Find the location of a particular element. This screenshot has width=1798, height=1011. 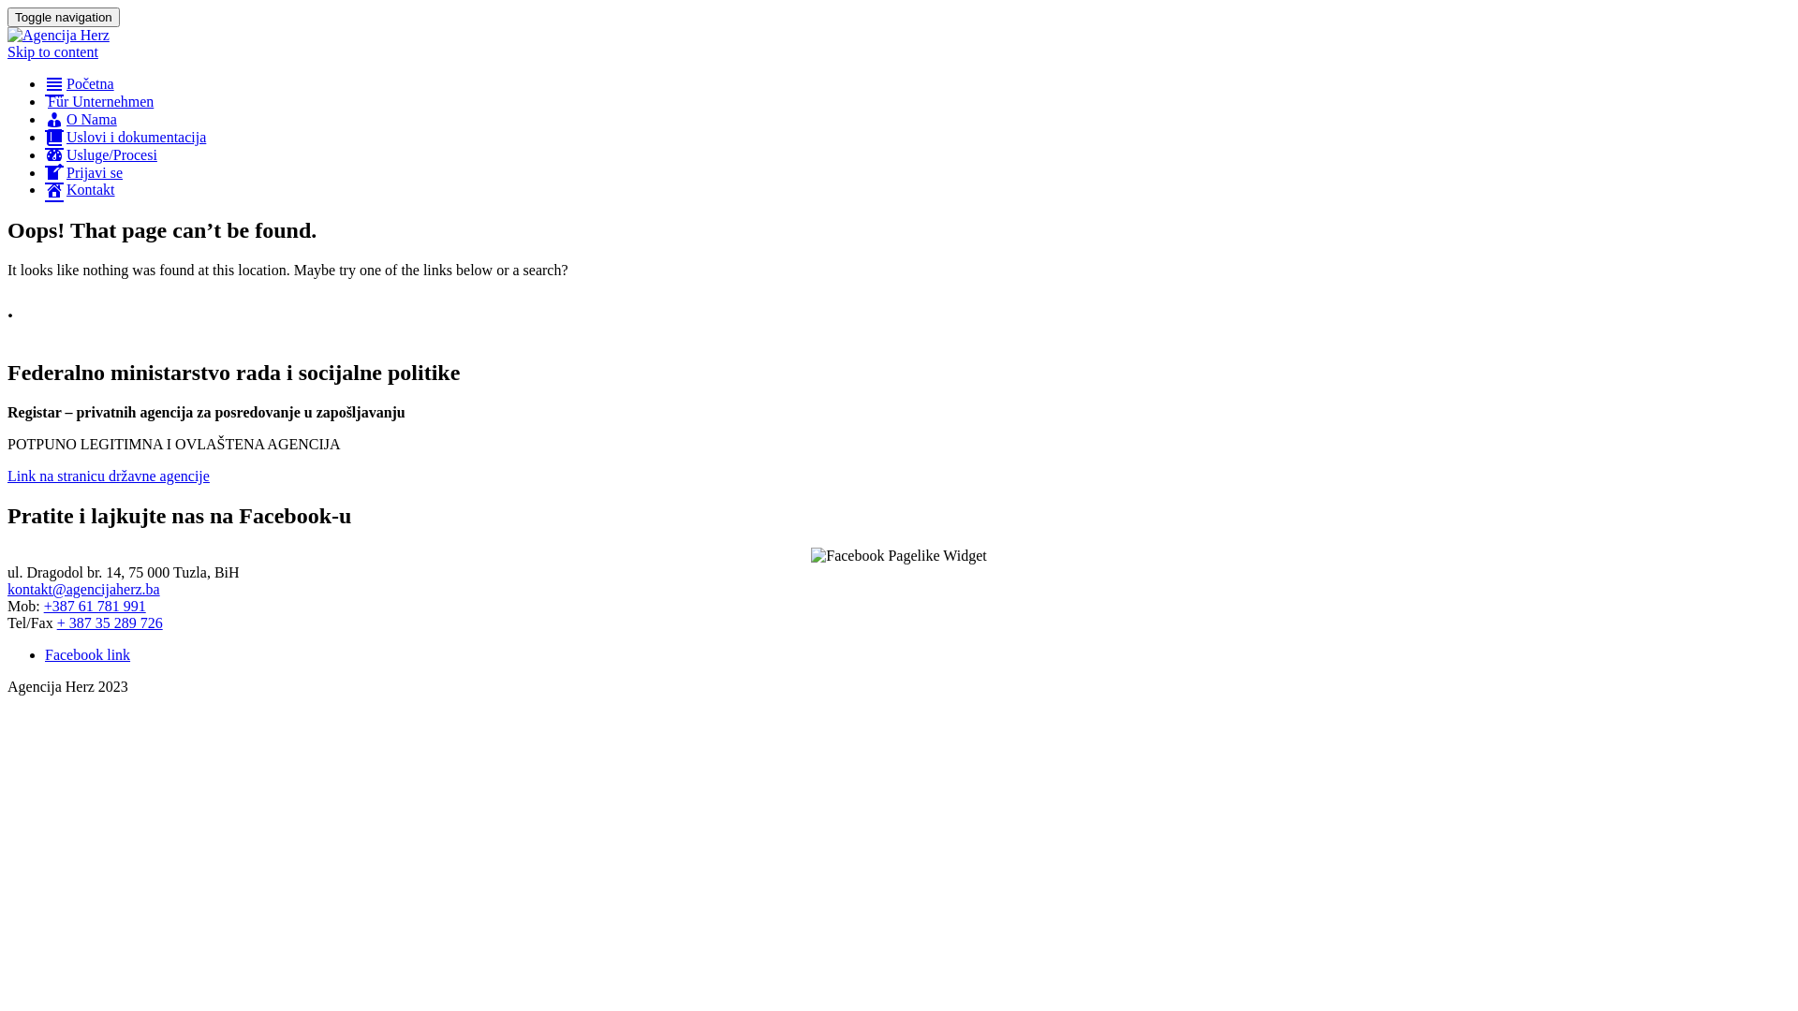

'O Nama' is located at coordinates (45, 119).